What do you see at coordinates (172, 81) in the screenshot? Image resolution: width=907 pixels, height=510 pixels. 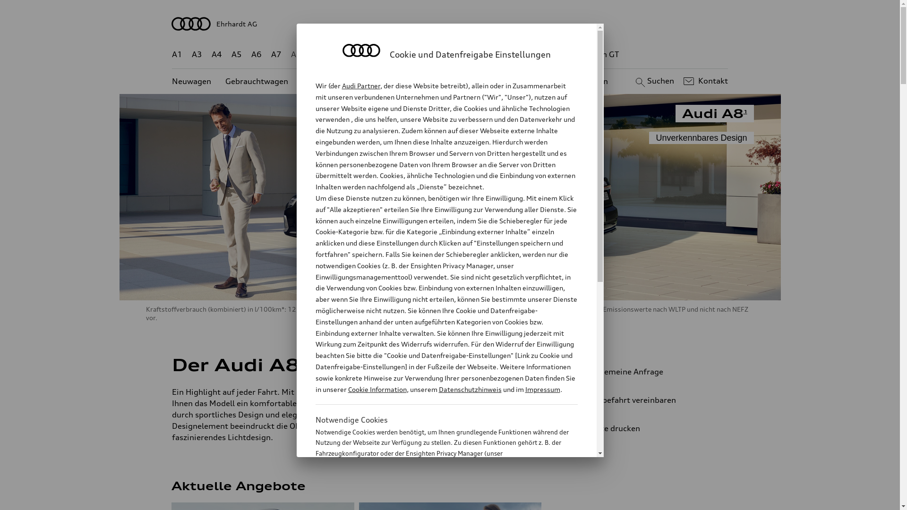 I see `'Neuwagen'` at bounding box center [172, 81].